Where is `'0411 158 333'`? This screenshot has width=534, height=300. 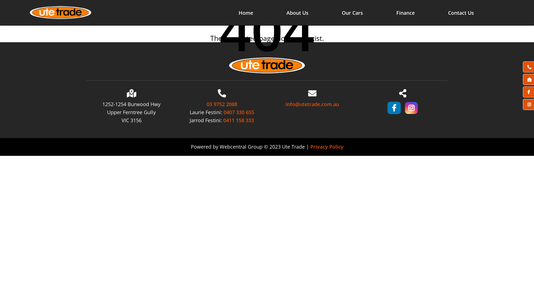
'0411 158 333' is located at coordinates (239, 120).